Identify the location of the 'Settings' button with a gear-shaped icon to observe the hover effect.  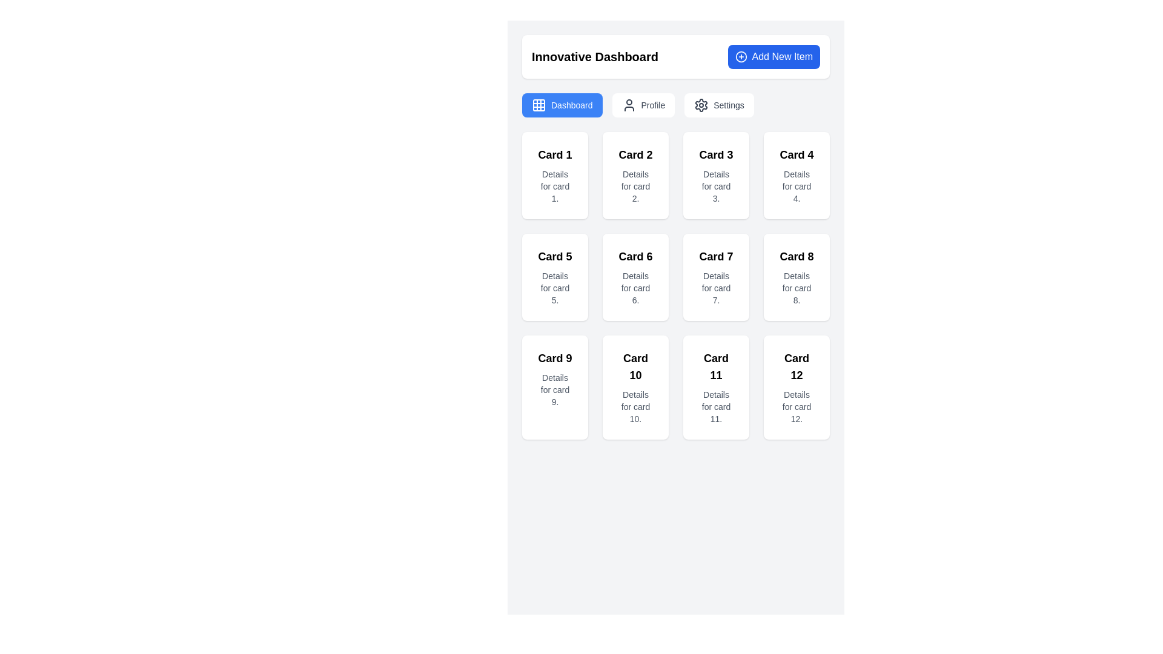
(719, 104).